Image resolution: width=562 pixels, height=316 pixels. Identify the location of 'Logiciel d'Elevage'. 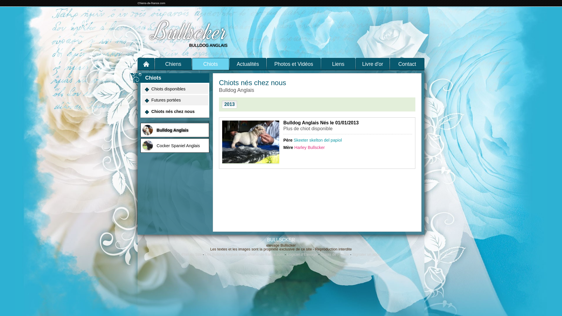
(302, 254).